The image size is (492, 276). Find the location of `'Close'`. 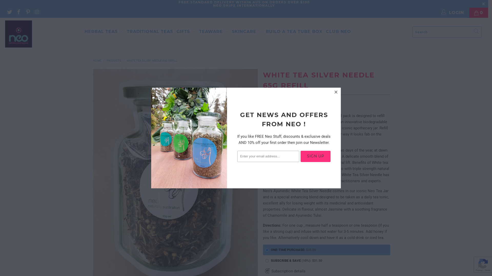

'Close' is located at coordinates (336, 92).